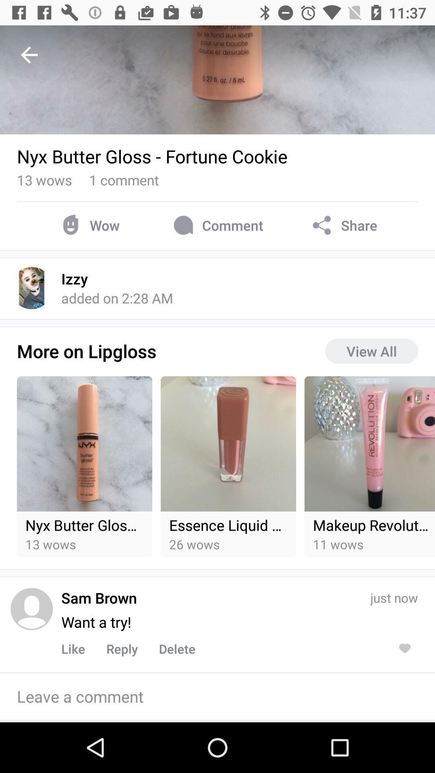 Image resolution: width=435 pixels, height=773 pixels. Describe the element at coordinates (371, 351) in the screenshot. I see `the item below the share icon` at that location.